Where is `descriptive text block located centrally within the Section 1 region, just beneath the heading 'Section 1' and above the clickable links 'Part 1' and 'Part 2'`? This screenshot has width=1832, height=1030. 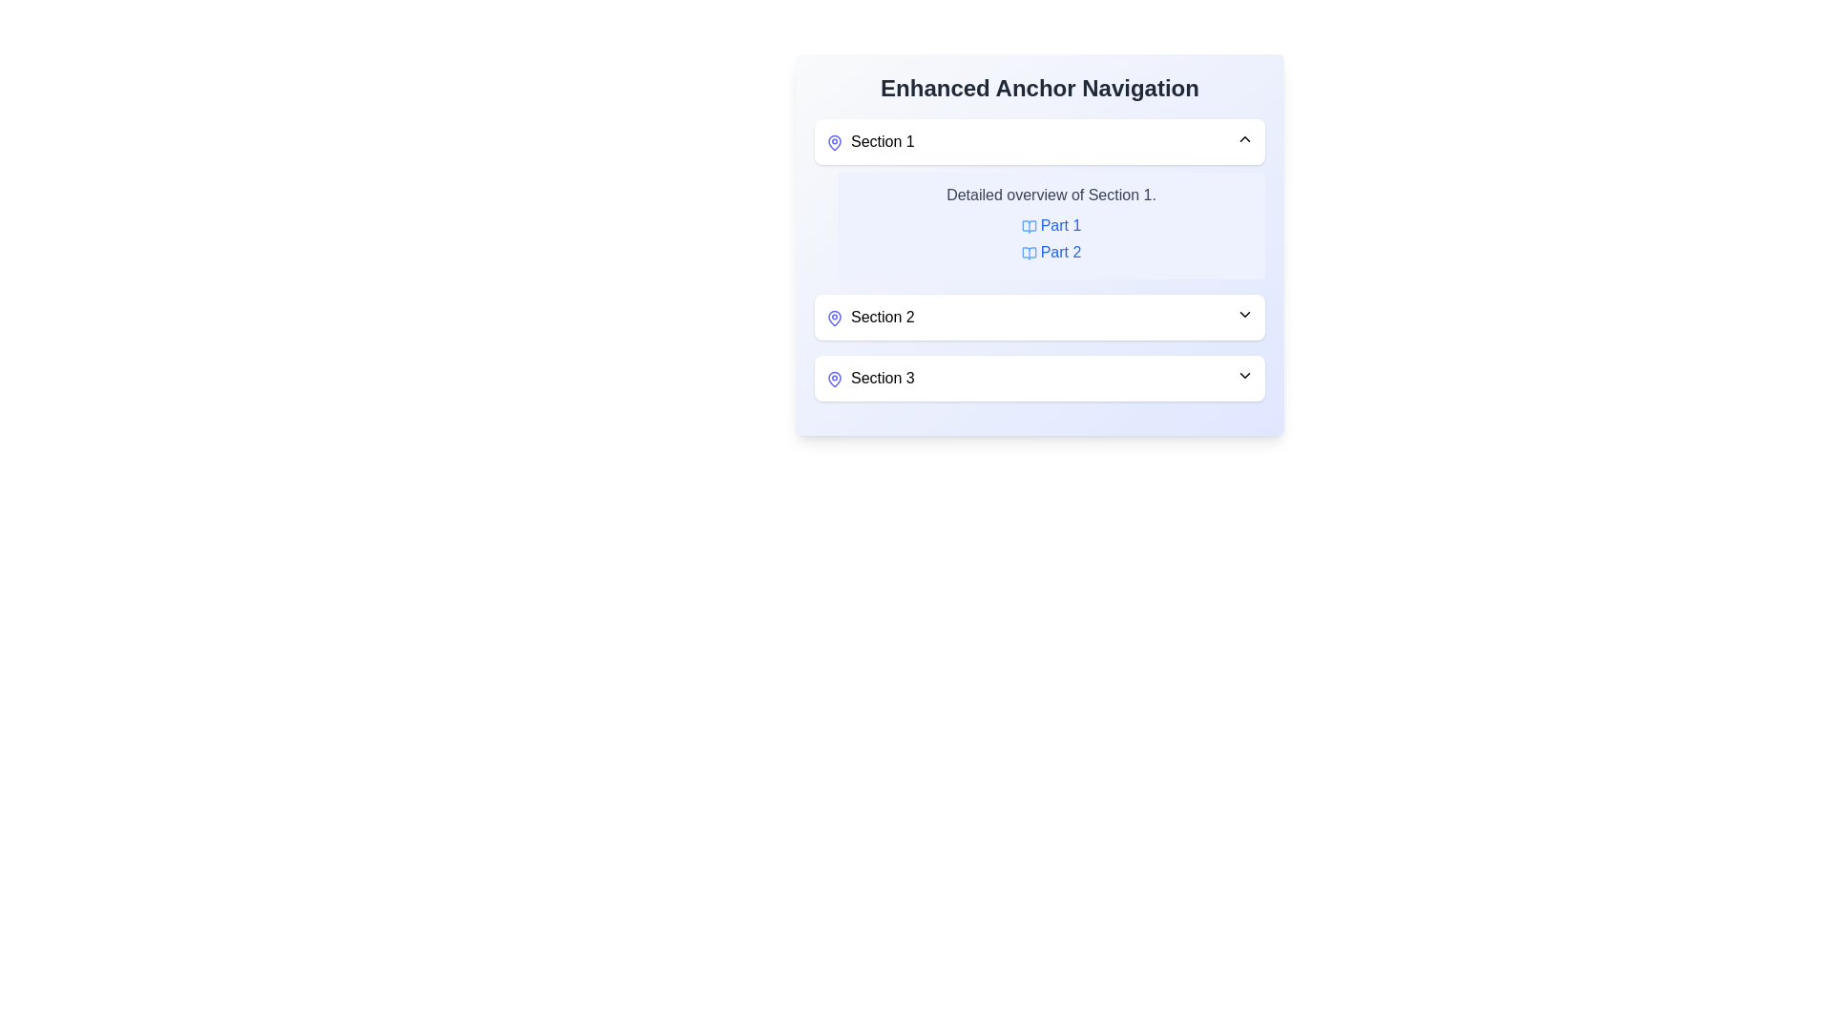 descriptive text block located centrally within the Section 1 region, just beneath the heading 'Section 1' and above the clickable links 'Part 1' and 'Part 2' is located at coordinates (1051, 195).